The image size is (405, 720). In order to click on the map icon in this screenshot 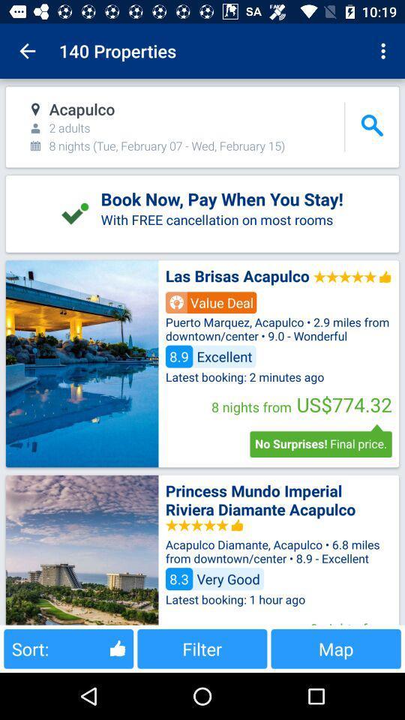, I will do `click(336, 648)`.